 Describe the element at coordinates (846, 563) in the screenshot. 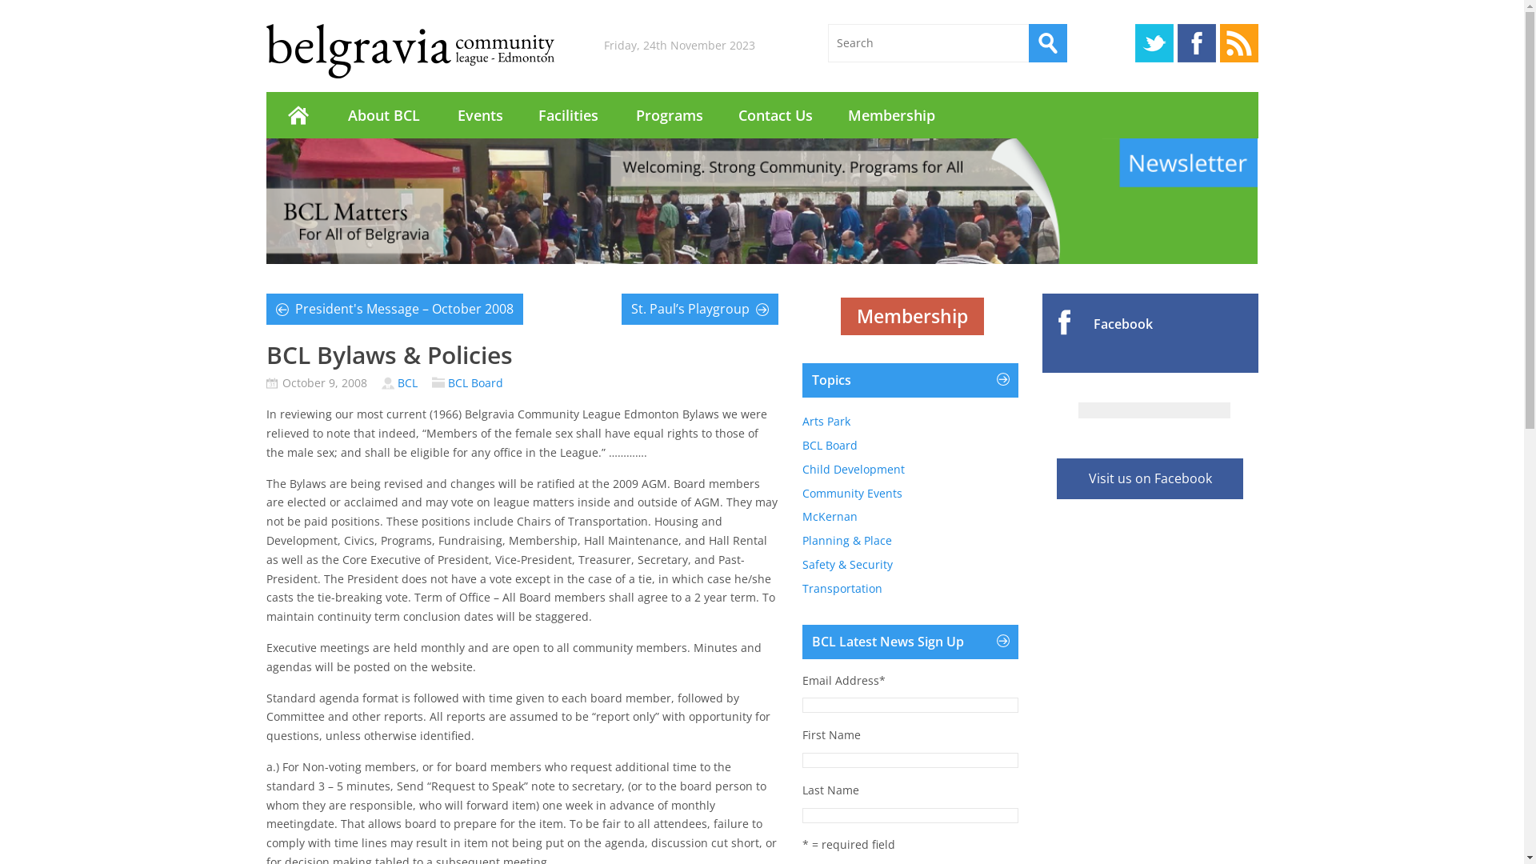

I see `'Safety & Security'` at that location.